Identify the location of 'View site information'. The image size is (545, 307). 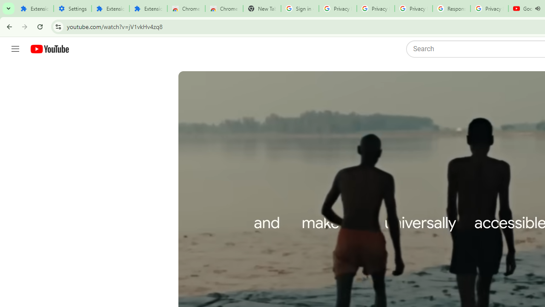
(57, 26).